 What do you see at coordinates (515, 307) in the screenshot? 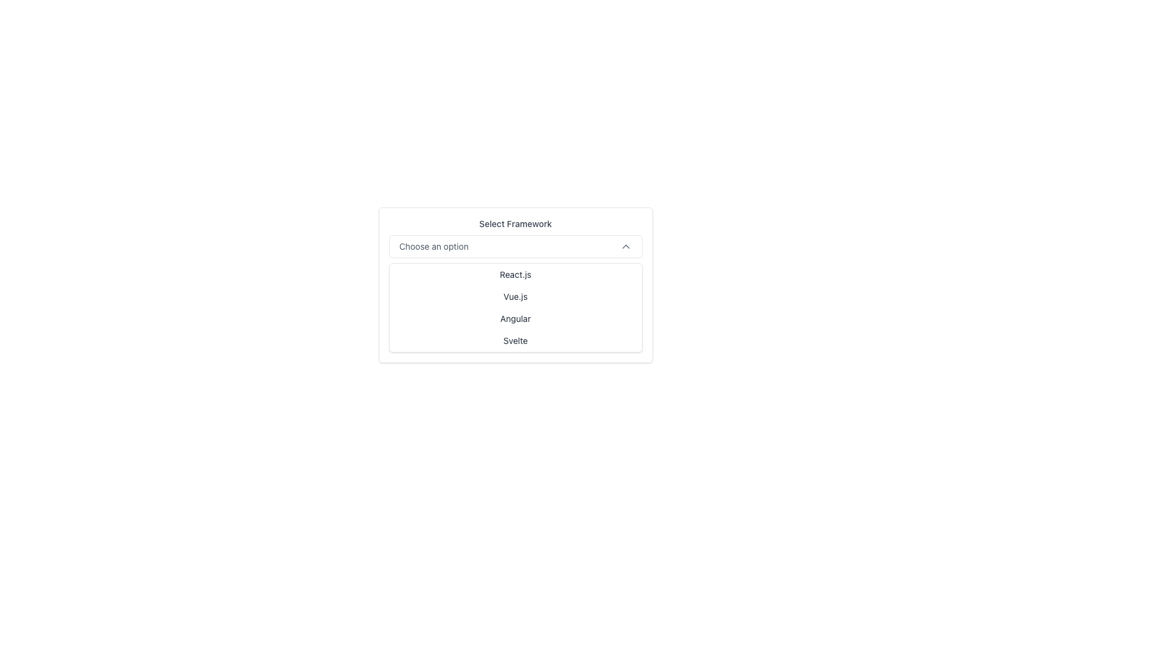
I see `the Dropdown menu located below 'Choose an option'` at bounding box center [515, 307].